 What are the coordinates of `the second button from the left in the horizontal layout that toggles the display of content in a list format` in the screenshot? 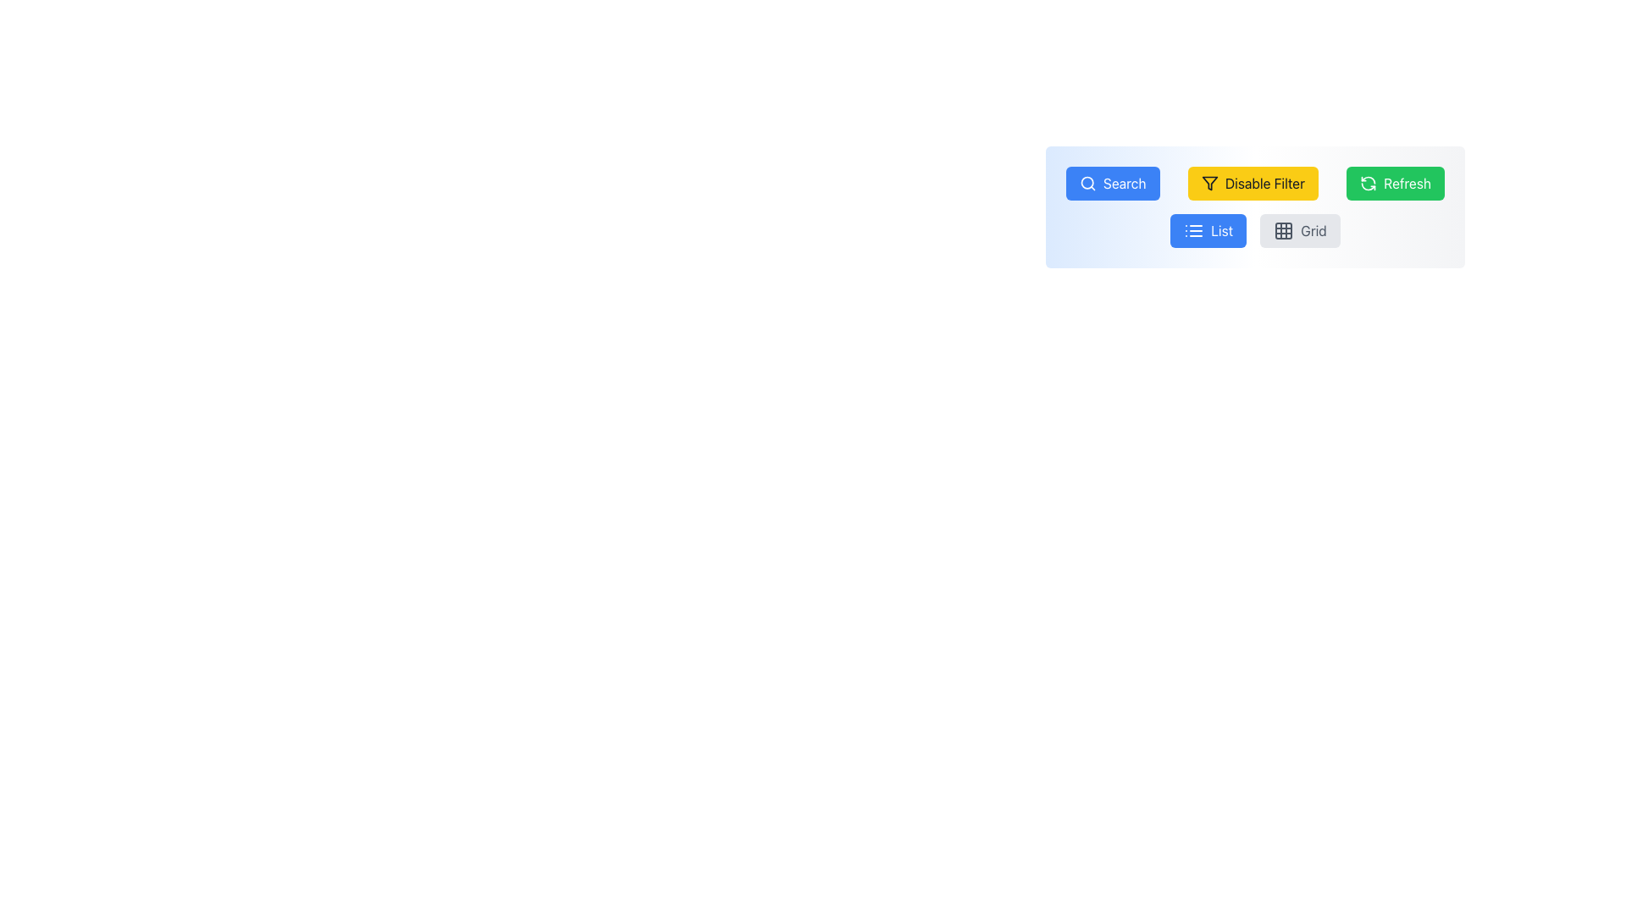 It's located at (1208, 231).